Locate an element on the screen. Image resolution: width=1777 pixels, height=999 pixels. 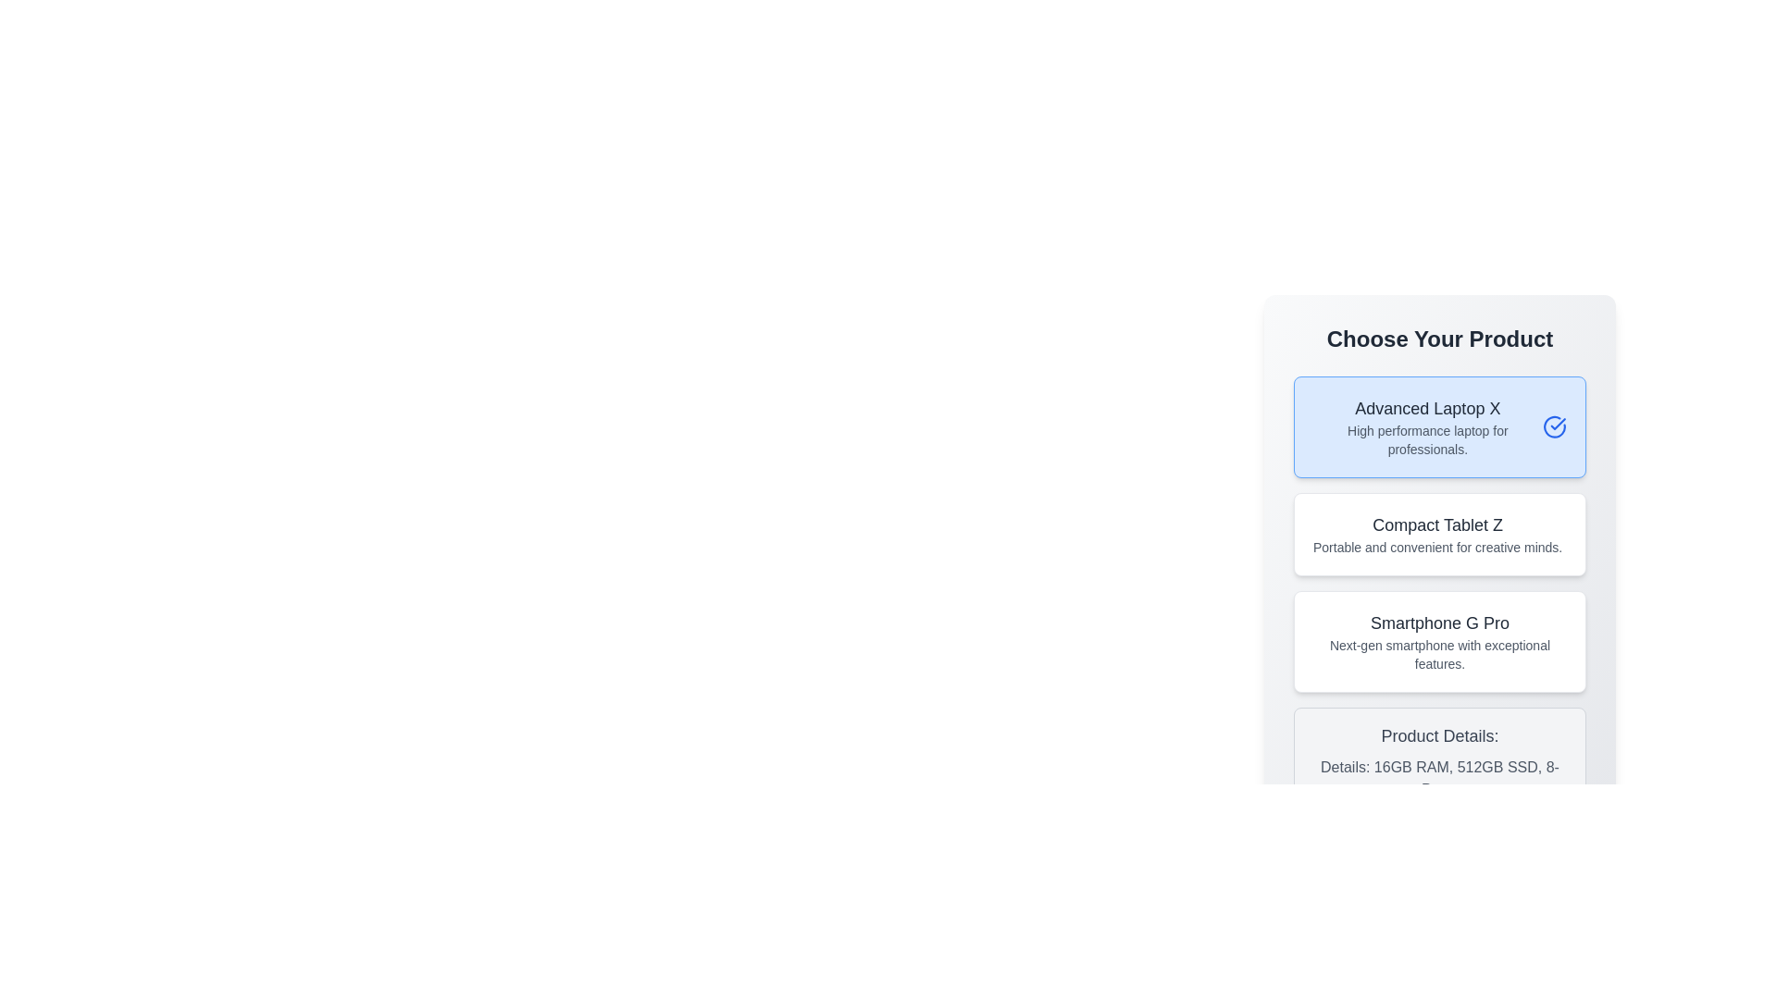
the visual indicator icon for the selected item 'Advanced Laptop X' located at the far-right side of the card is located at coordinates (1554, 427).